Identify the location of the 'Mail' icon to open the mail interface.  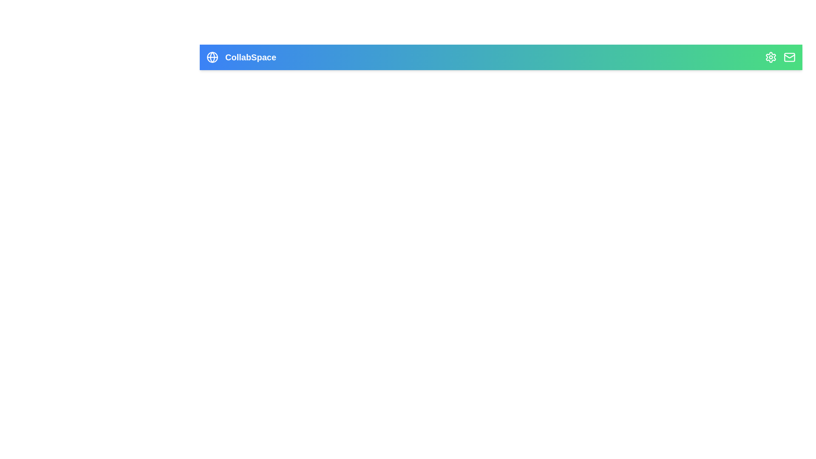
(789, 57).